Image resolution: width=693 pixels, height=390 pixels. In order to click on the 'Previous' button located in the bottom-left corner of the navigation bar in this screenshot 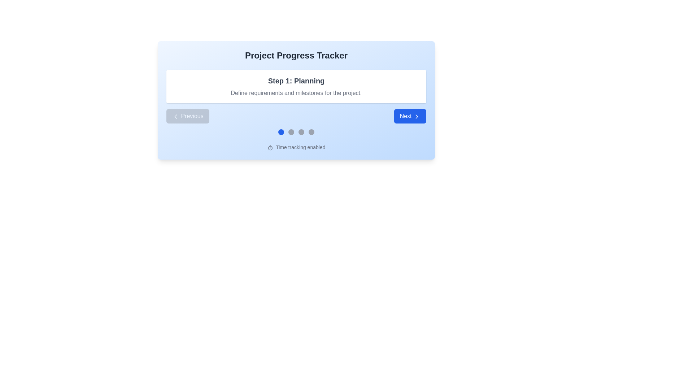, I will do `click(188, 116)`.